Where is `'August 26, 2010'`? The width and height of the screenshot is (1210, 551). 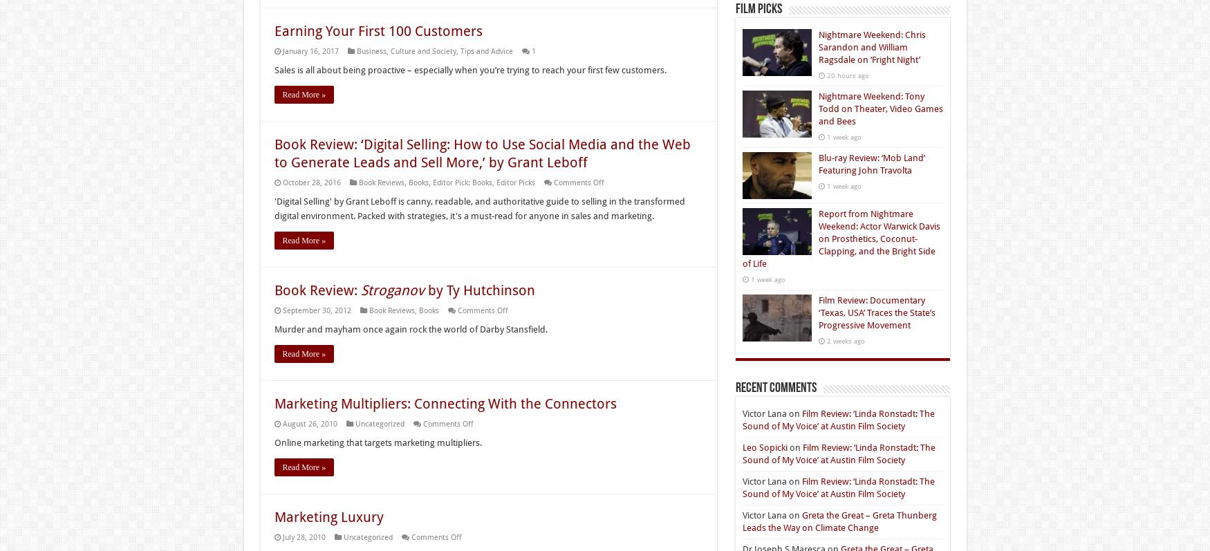
'August 26, 2010' is located at coordinates (281, 424).